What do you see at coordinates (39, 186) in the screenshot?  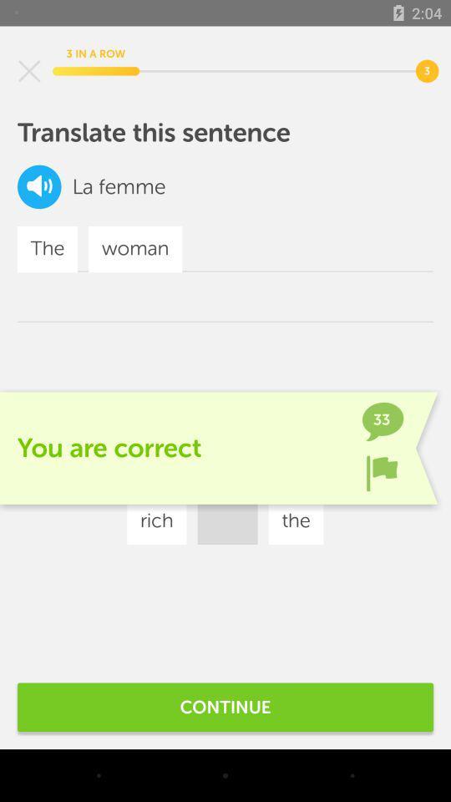 I see `the volume icon` at bounding box center [39, 186].